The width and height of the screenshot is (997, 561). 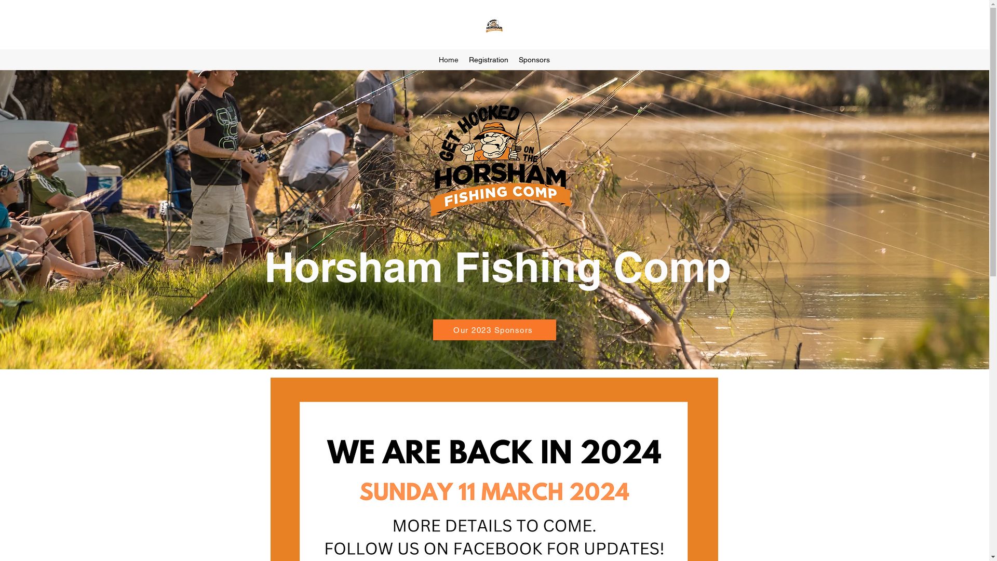 What do you see at coordinates (449, 60) in the screenshot?
I see `'Home'` at bounding box center [449, 60].